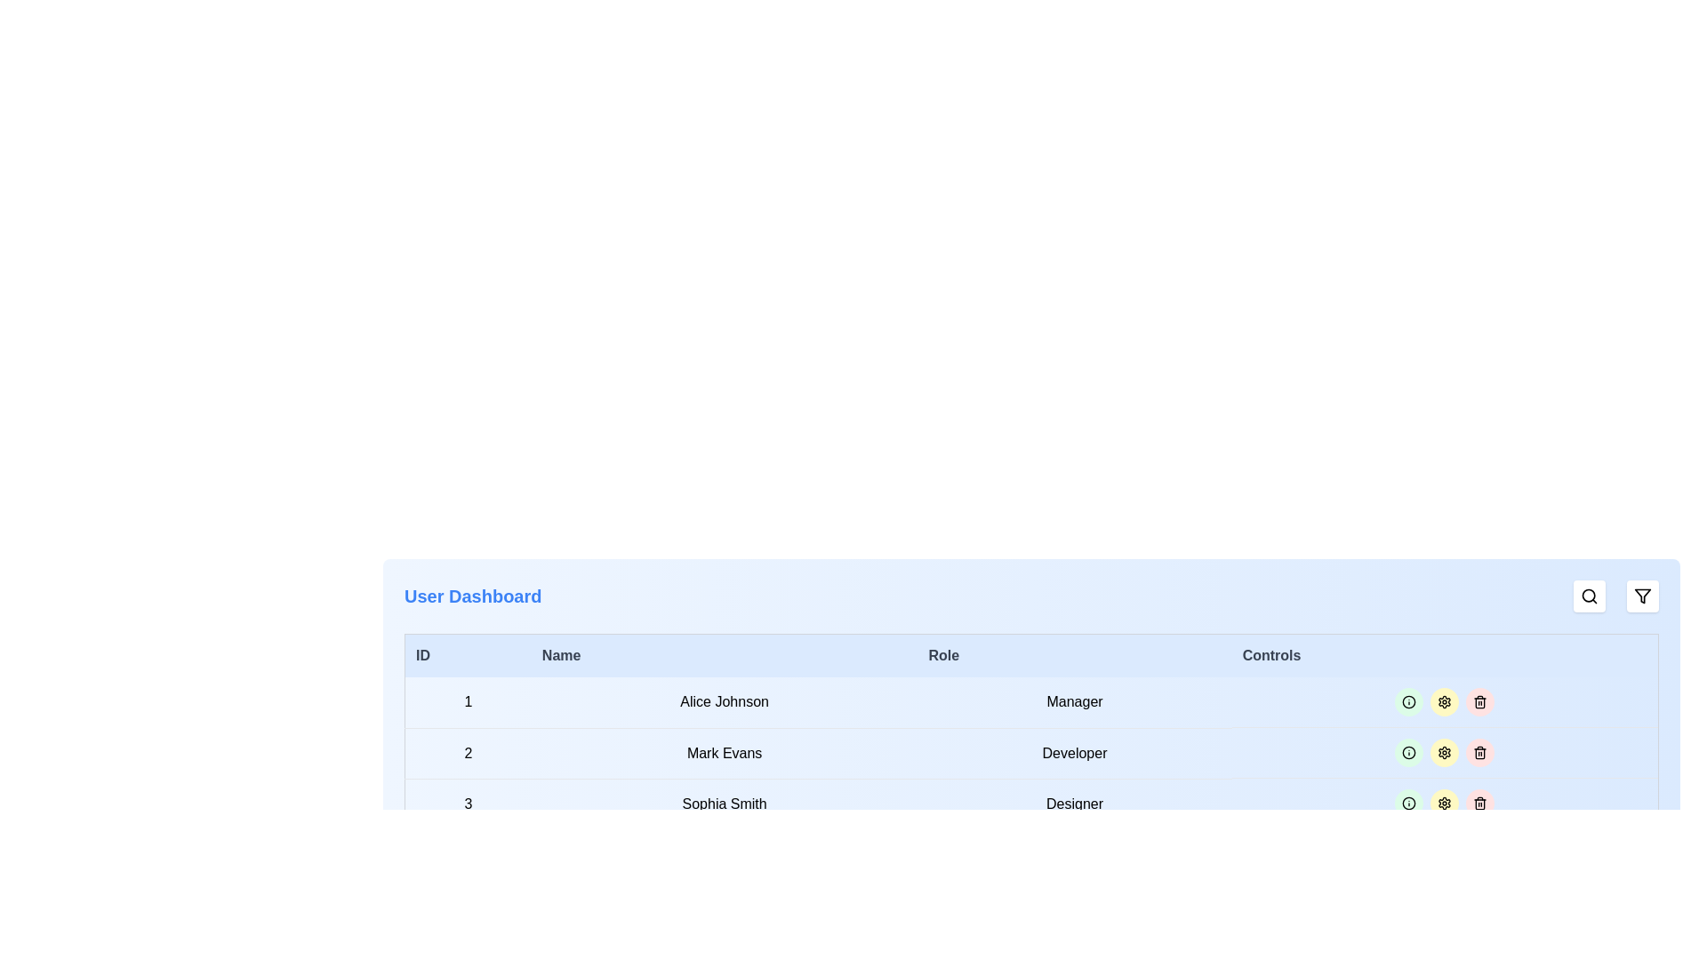 This screenshot has height=960, width=1707. I want to click on the static text label displaying the identifier number for the entry in the second row of the ID column in the table, so click(468, 753).